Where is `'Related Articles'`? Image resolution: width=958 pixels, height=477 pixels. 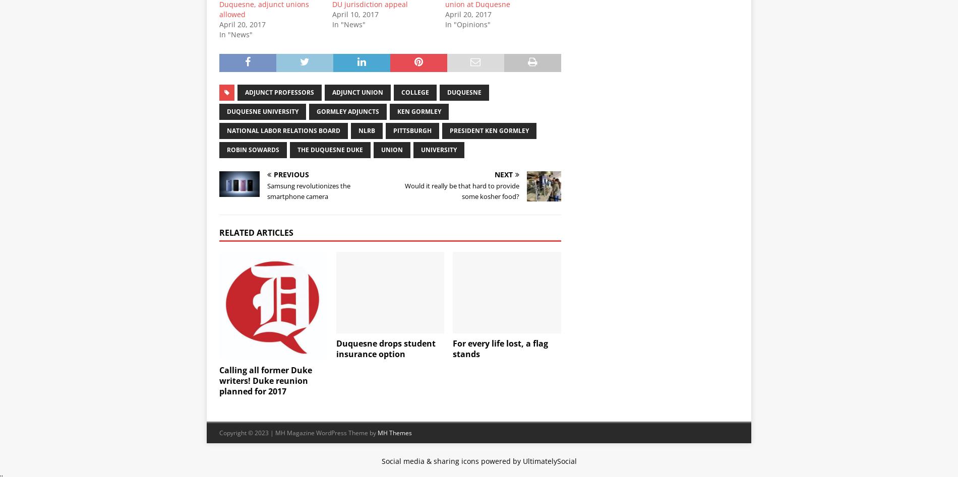 'Related Articles' is located at coordinates (218, 232).